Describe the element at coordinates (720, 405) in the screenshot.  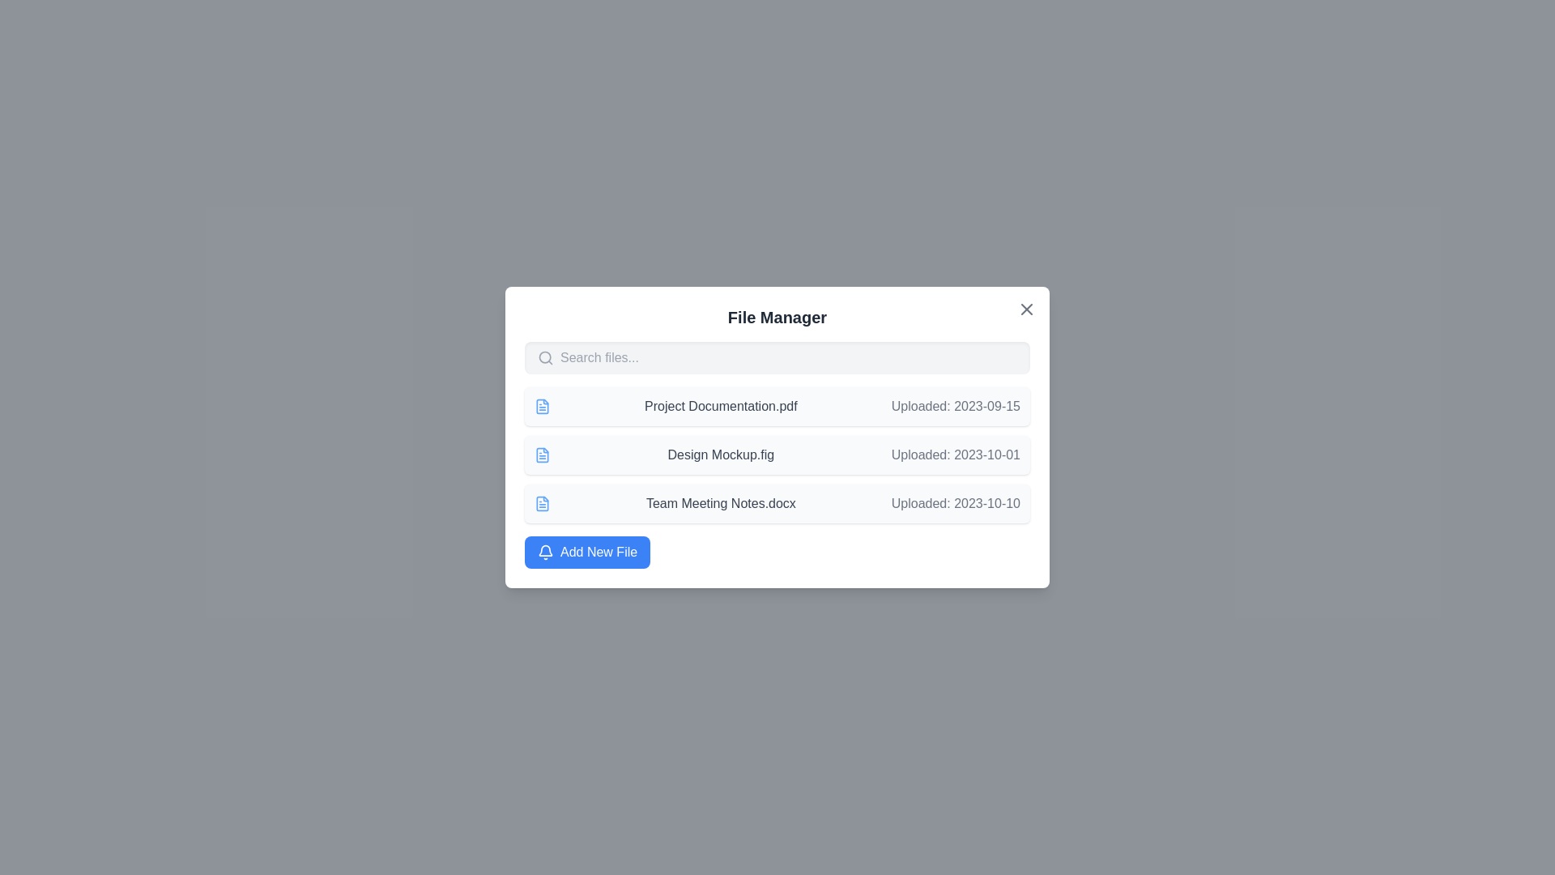
I see `the text label displaying the file name 'Project Documentation.pdf', which is styled in gray and located in the second row of the file list in the file manager interface` at that location.